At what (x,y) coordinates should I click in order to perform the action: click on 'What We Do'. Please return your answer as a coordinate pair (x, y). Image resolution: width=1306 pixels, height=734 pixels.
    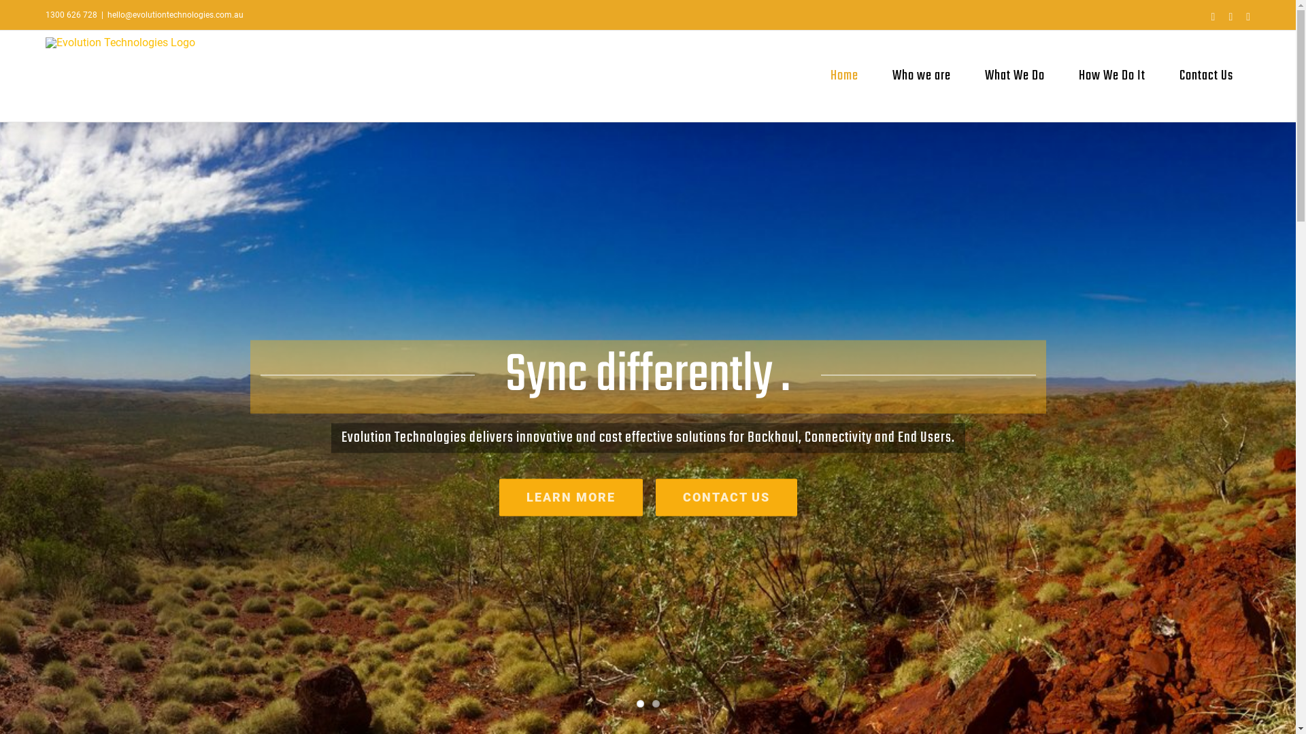
    Looking at the image, I should click on (1015, 75).